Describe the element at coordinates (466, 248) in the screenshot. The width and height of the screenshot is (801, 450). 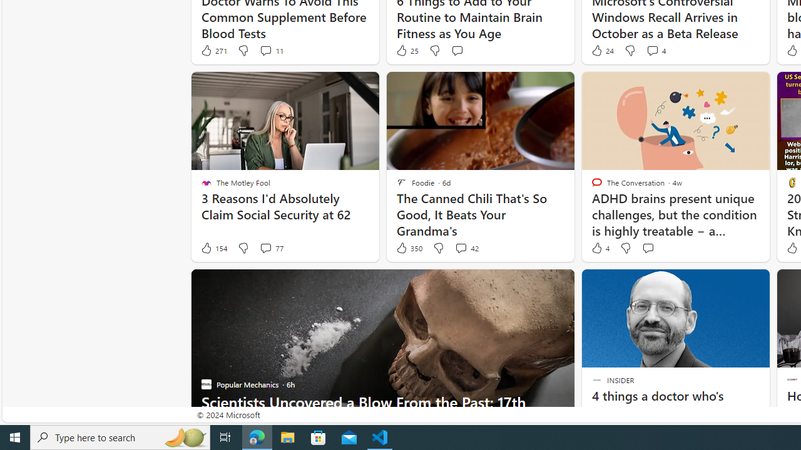
I see `'View comments 42 Comment'` at that location.